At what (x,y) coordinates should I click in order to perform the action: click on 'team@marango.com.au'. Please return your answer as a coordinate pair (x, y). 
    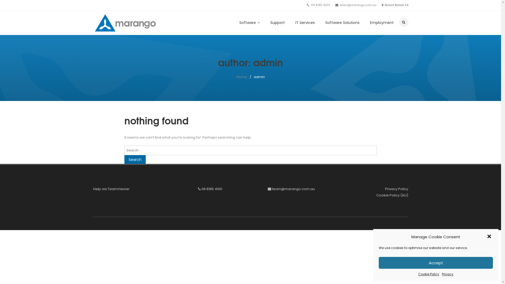
    Looking at the image, I should click on (340, 5).